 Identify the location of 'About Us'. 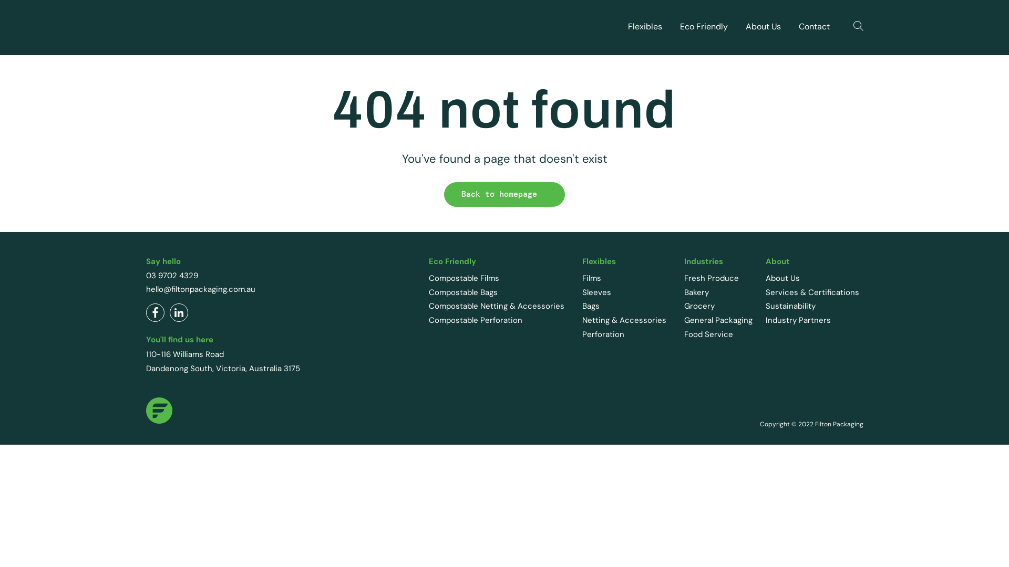
(783, 277).